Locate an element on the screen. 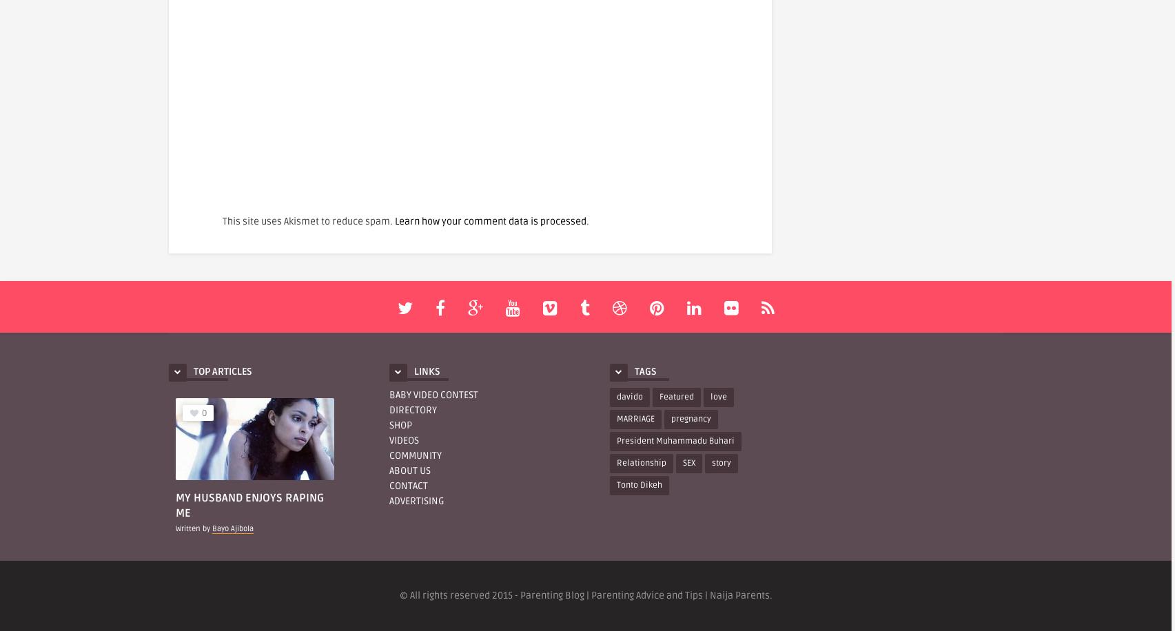  'VIDEOS' is located at coordinates (404, 439).